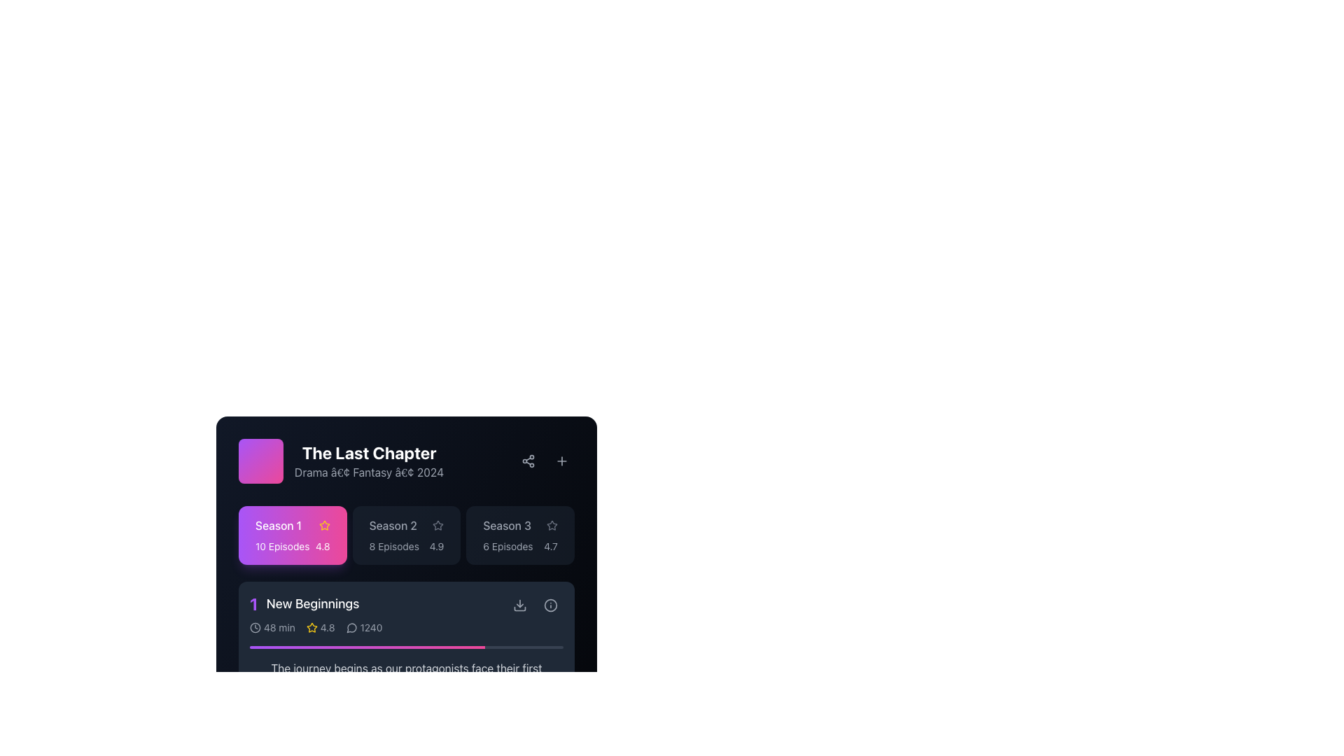 The image size is (1344, 756). What do you see at coordinates (527, 461) in the screenshot?
I see `the circular sharing icon in the top right corner of the card for 'The Last Chapter' series` at bounding box center [527, 461].